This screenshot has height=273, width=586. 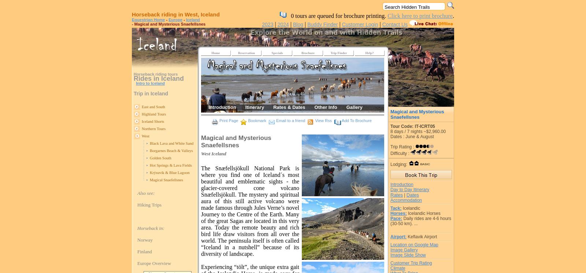 I want to click on 'Highland Tours', so click(x=153, y=114).